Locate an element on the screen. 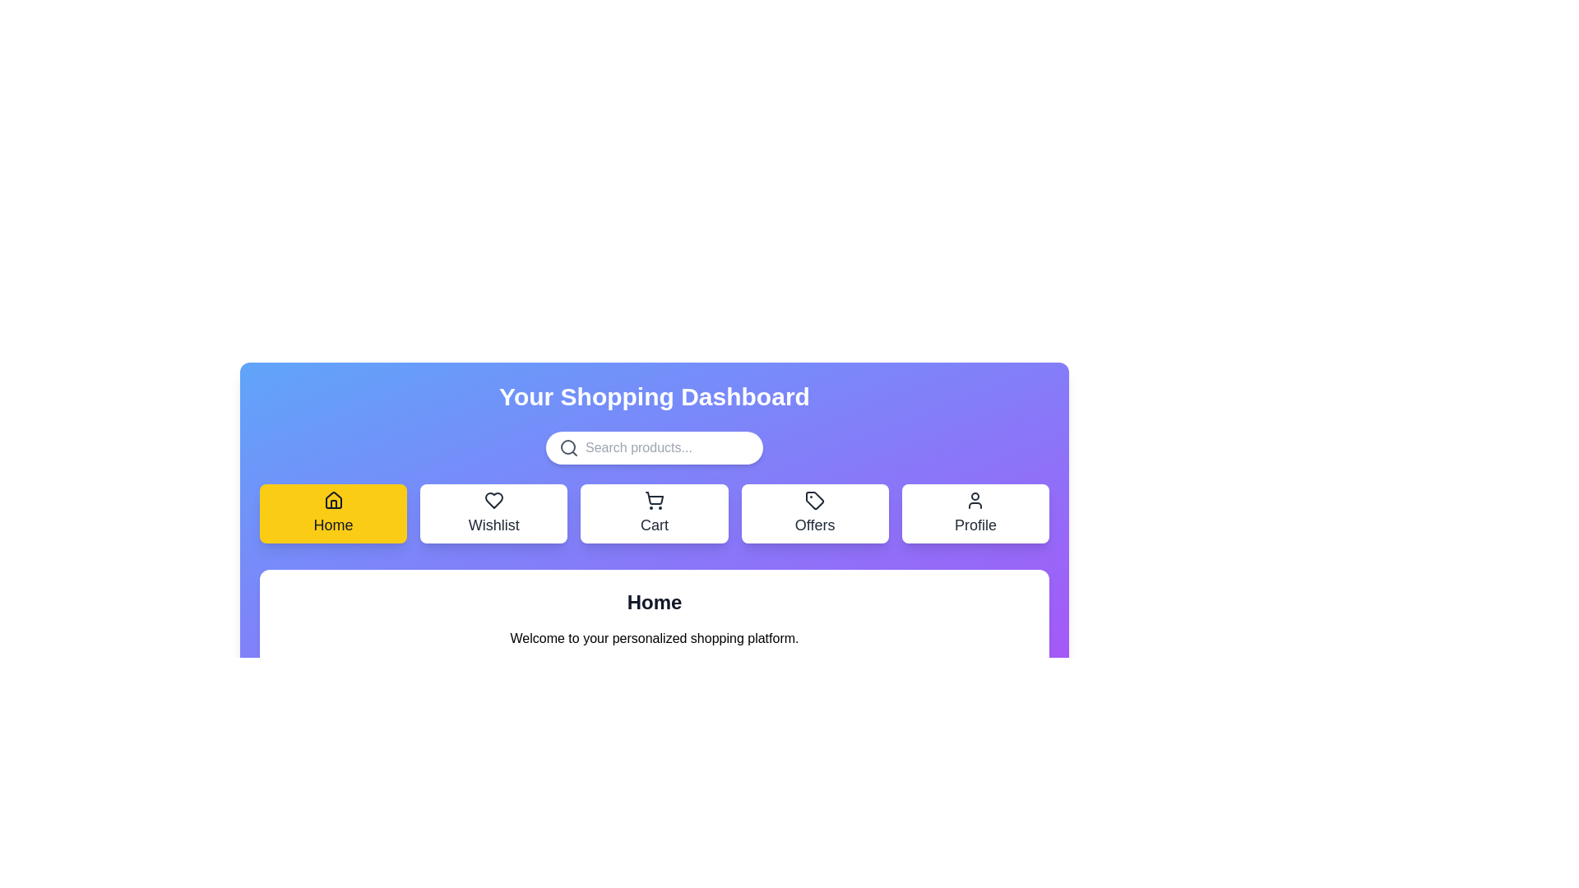  the 'Home' button, which features an icon representing the main page of the application, located in the horizontal navigation bar below the header is located at coordinates (332, 500).